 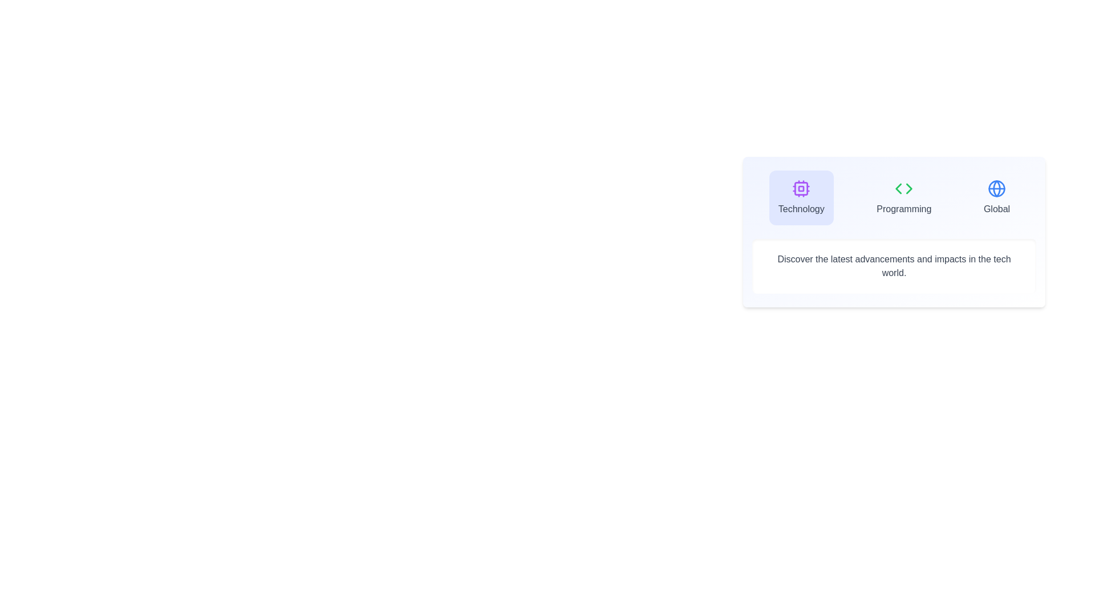 What do you see at coordinates (801, 197) in the screenshot?
I see `the tab labeled Technology to view its content` at bounding box center [801, 197].